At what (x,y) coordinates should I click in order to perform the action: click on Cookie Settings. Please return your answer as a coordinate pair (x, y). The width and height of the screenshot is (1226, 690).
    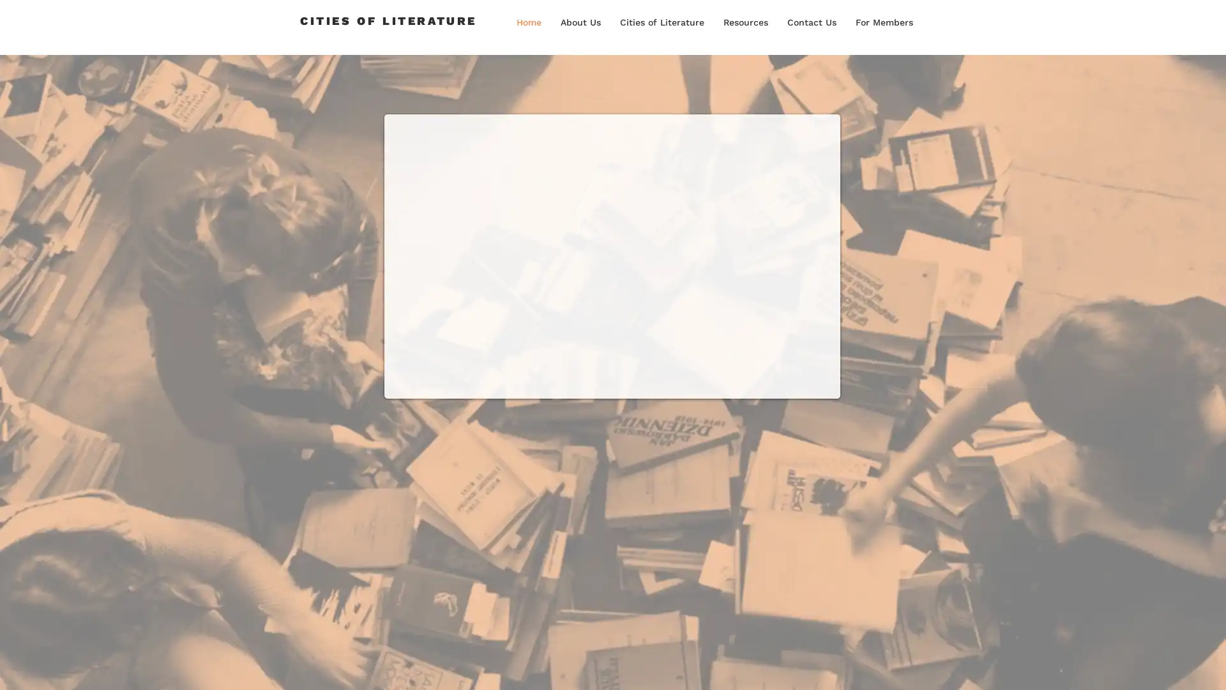
    Looking at the image, I should click on (1087, 667).